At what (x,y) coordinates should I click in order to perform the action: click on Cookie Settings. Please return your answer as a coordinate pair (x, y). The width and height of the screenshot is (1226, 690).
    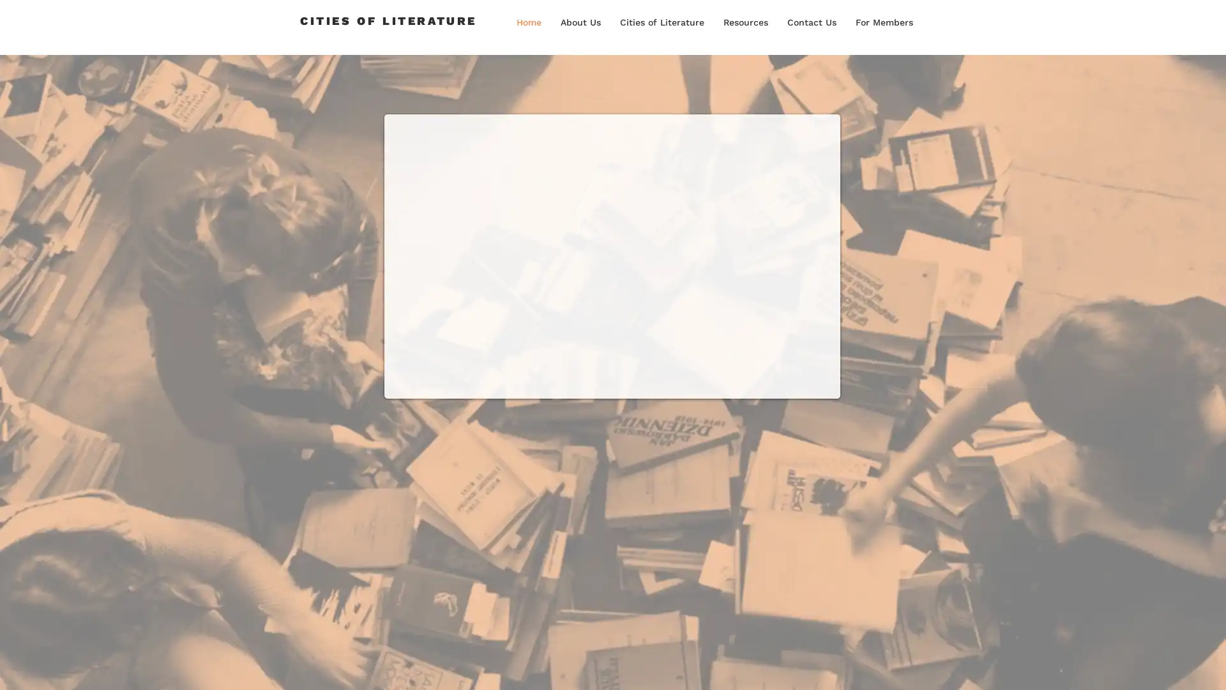
    Looking at the image, I should click on (1087, 667).